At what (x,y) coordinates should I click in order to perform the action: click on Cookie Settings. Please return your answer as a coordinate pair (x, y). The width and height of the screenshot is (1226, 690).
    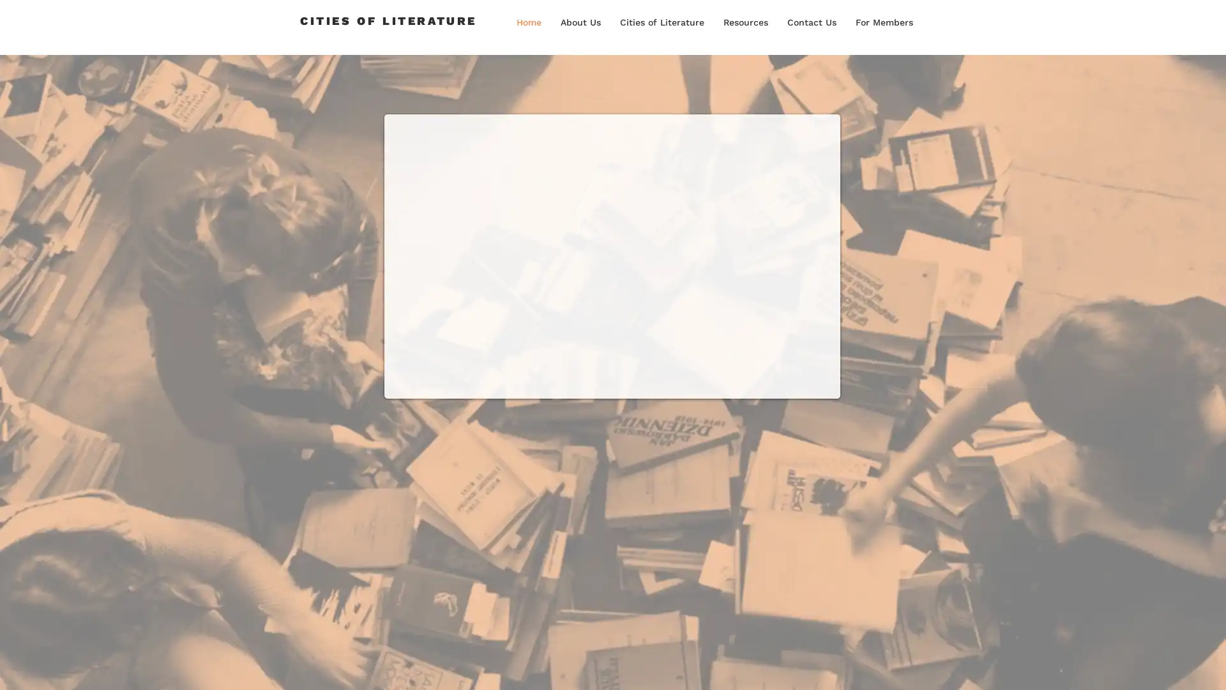
    Looking at the image, I should click on (1087, 667).